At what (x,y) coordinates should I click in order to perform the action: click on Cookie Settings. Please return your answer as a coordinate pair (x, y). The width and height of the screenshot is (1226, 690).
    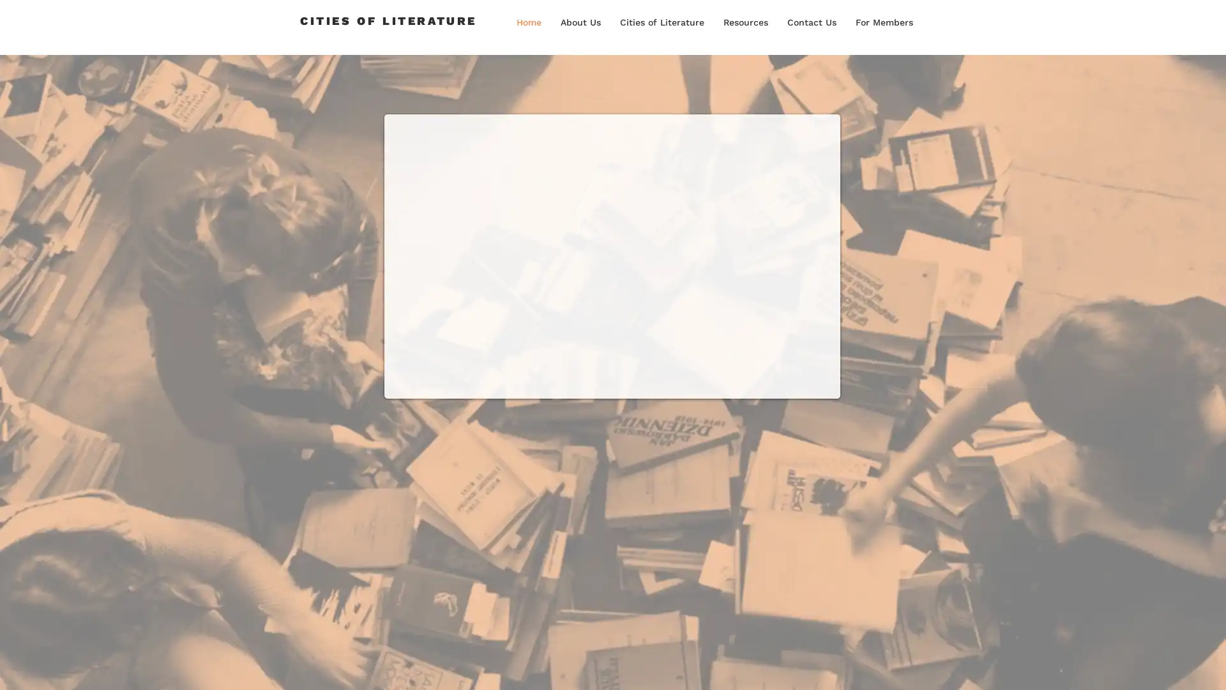
    Looking at the image, I should click on (1087, 667).